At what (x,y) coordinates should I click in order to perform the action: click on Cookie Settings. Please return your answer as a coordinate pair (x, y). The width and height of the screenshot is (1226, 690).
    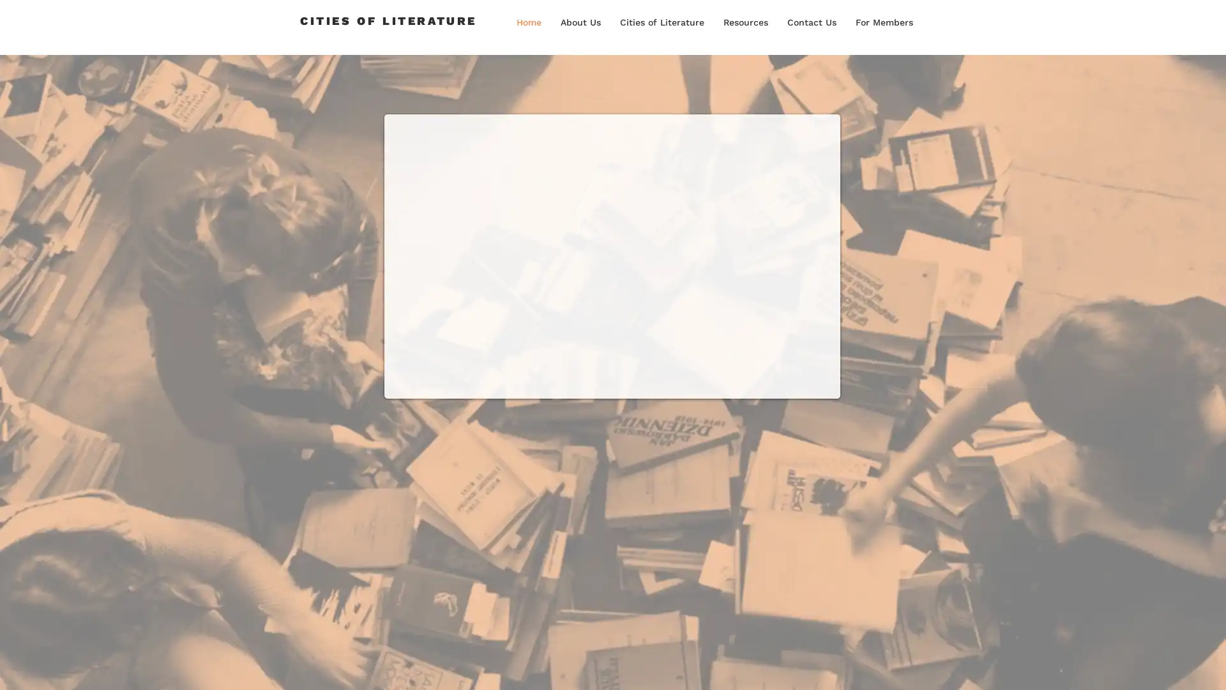
    Looking at the image, I should click on (1087, 667).